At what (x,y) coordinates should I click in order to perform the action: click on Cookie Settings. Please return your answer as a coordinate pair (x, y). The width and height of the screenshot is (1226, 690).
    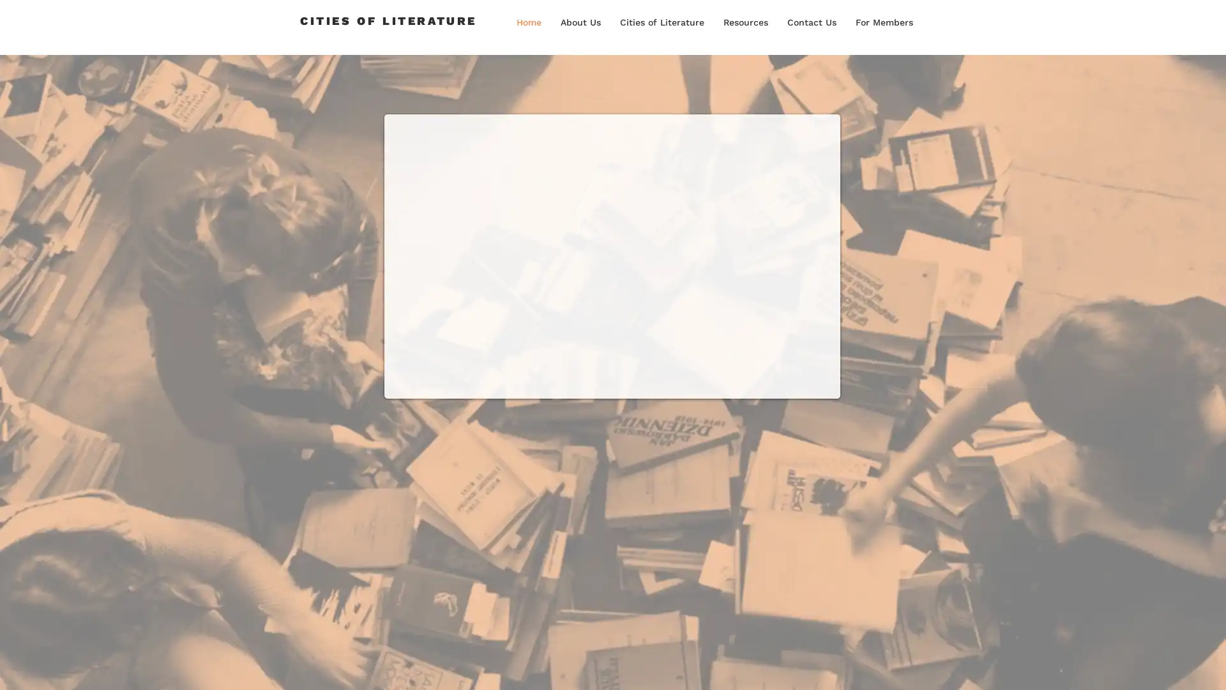
    Looking at the image, I should click on (1087, 667).